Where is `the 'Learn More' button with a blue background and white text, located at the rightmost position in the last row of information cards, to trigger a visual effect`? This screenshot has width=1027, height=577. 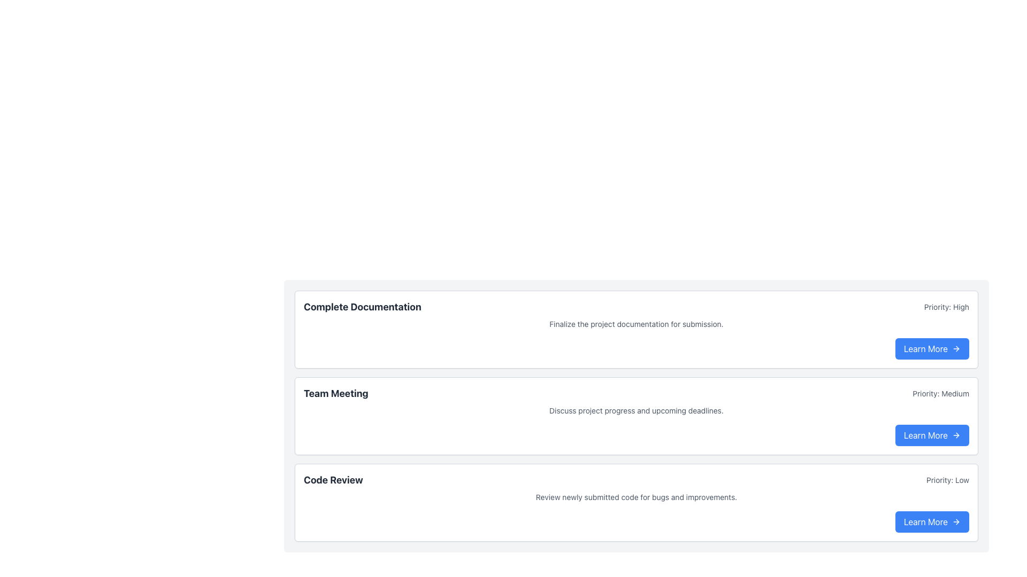 the 'Learn More' button with a blue background and white text, located at the rightmost position in the last row of information cards, to trigger a visual effect is located at coordinates (931, 521).